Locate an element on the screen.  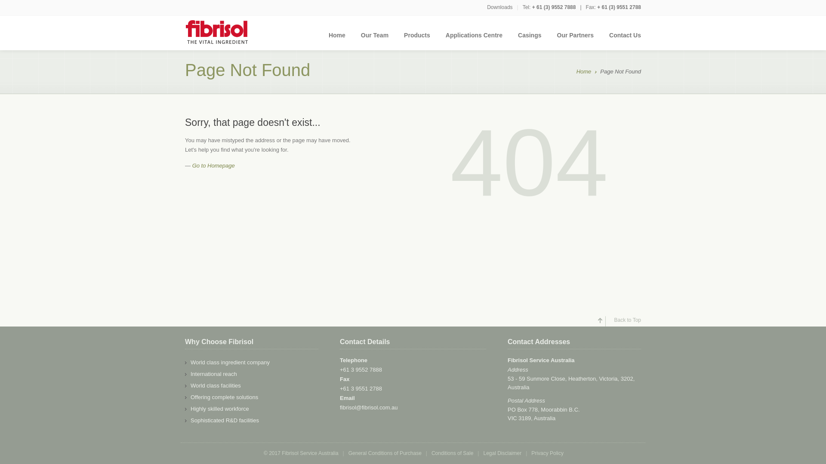
'Go to Homepage' is located at coordinates (213, 166).